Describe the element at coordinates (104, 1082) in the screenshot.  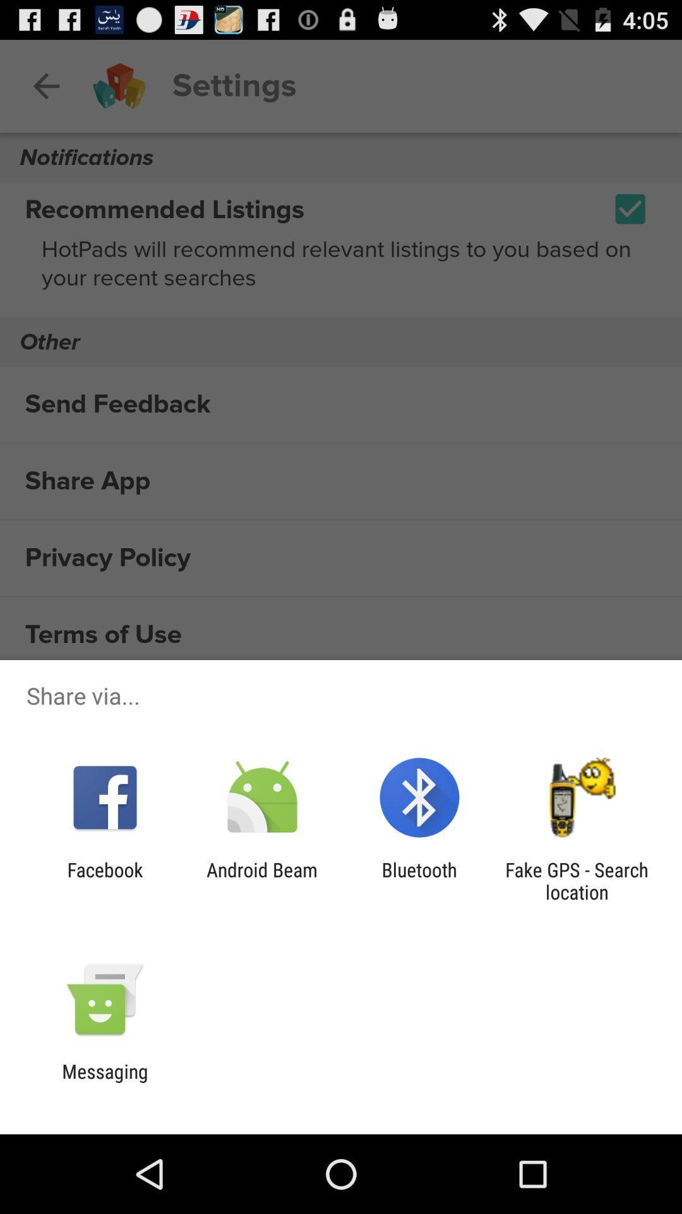
I see `messaging` at that location.